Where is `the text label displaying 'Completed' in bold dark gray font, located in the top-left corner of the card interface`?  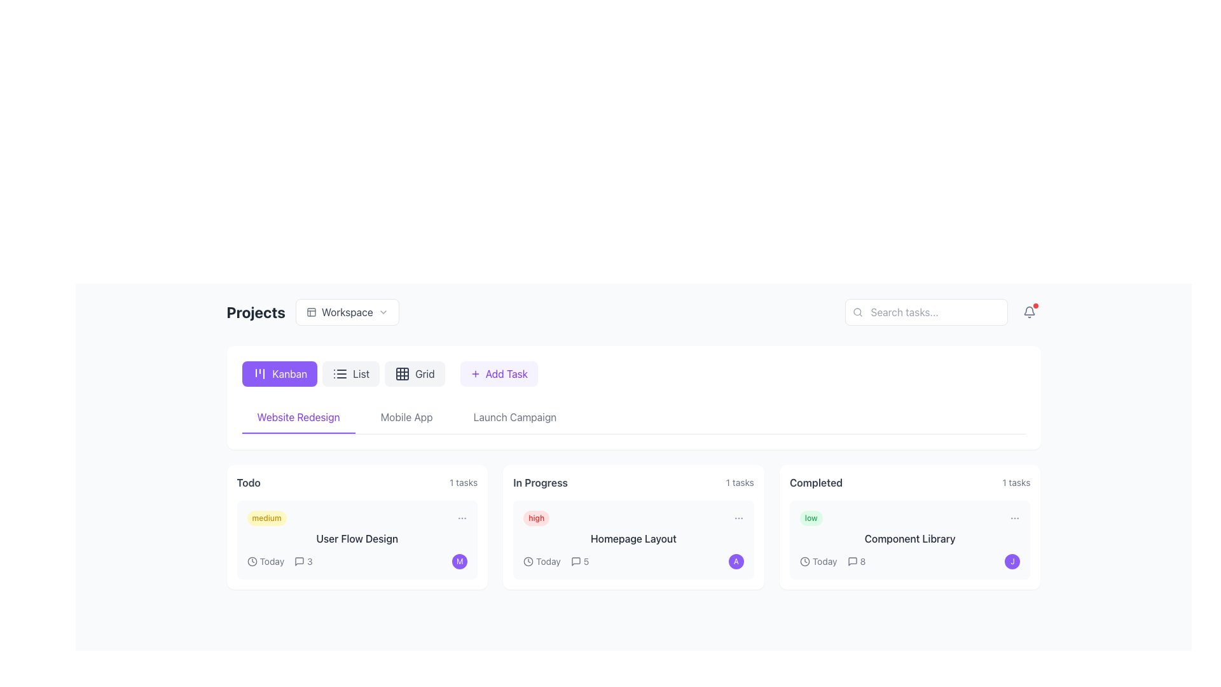 the text label displaying 'Completed' in bold dark gray font, located in the top-left corner of the card interface is located at coordinates (816, 483).